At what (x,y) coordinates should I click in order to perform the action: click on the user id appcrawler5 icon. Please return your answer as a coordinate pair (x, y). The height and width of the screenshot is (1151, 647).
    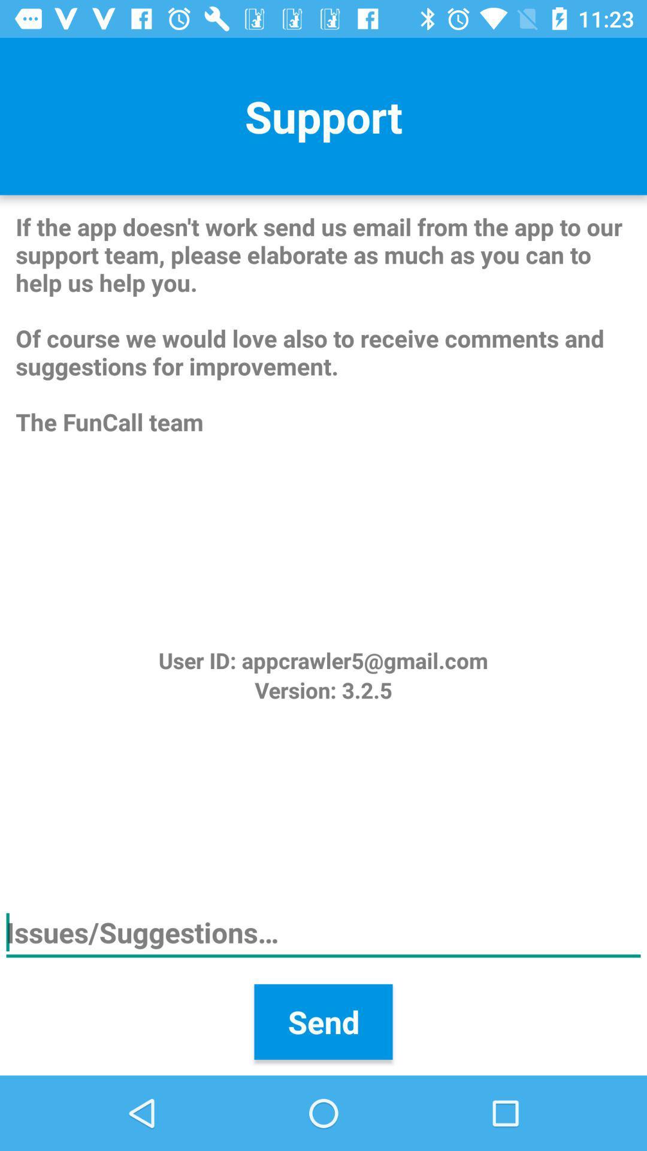
    Looking at the image, I should click on (322, 659).